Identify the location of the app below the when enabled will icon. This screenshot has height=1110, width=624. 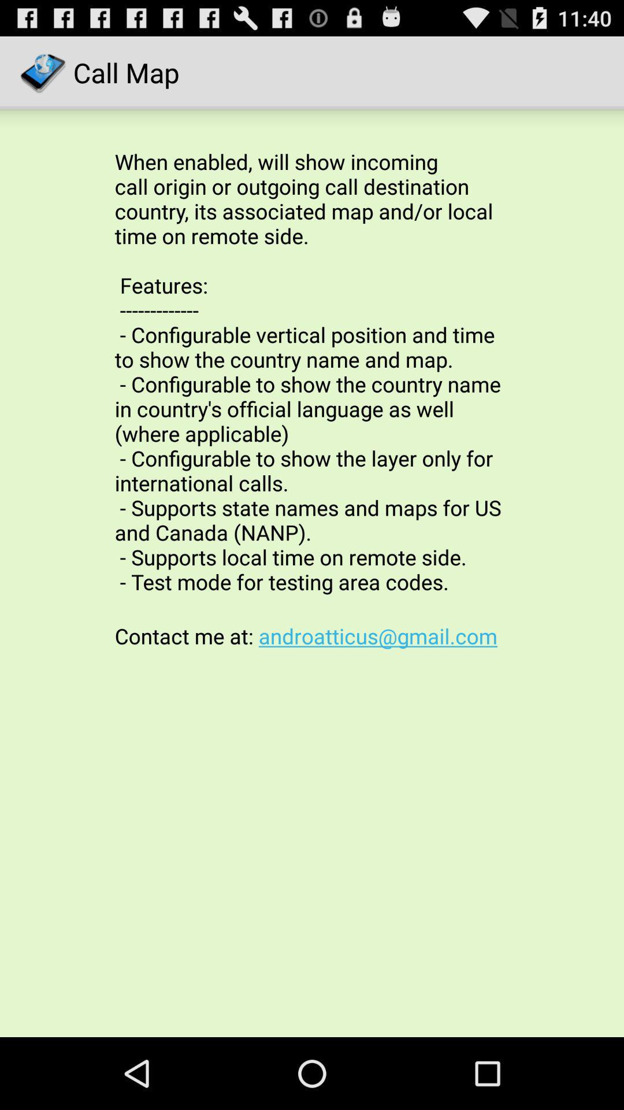
(312, 635).